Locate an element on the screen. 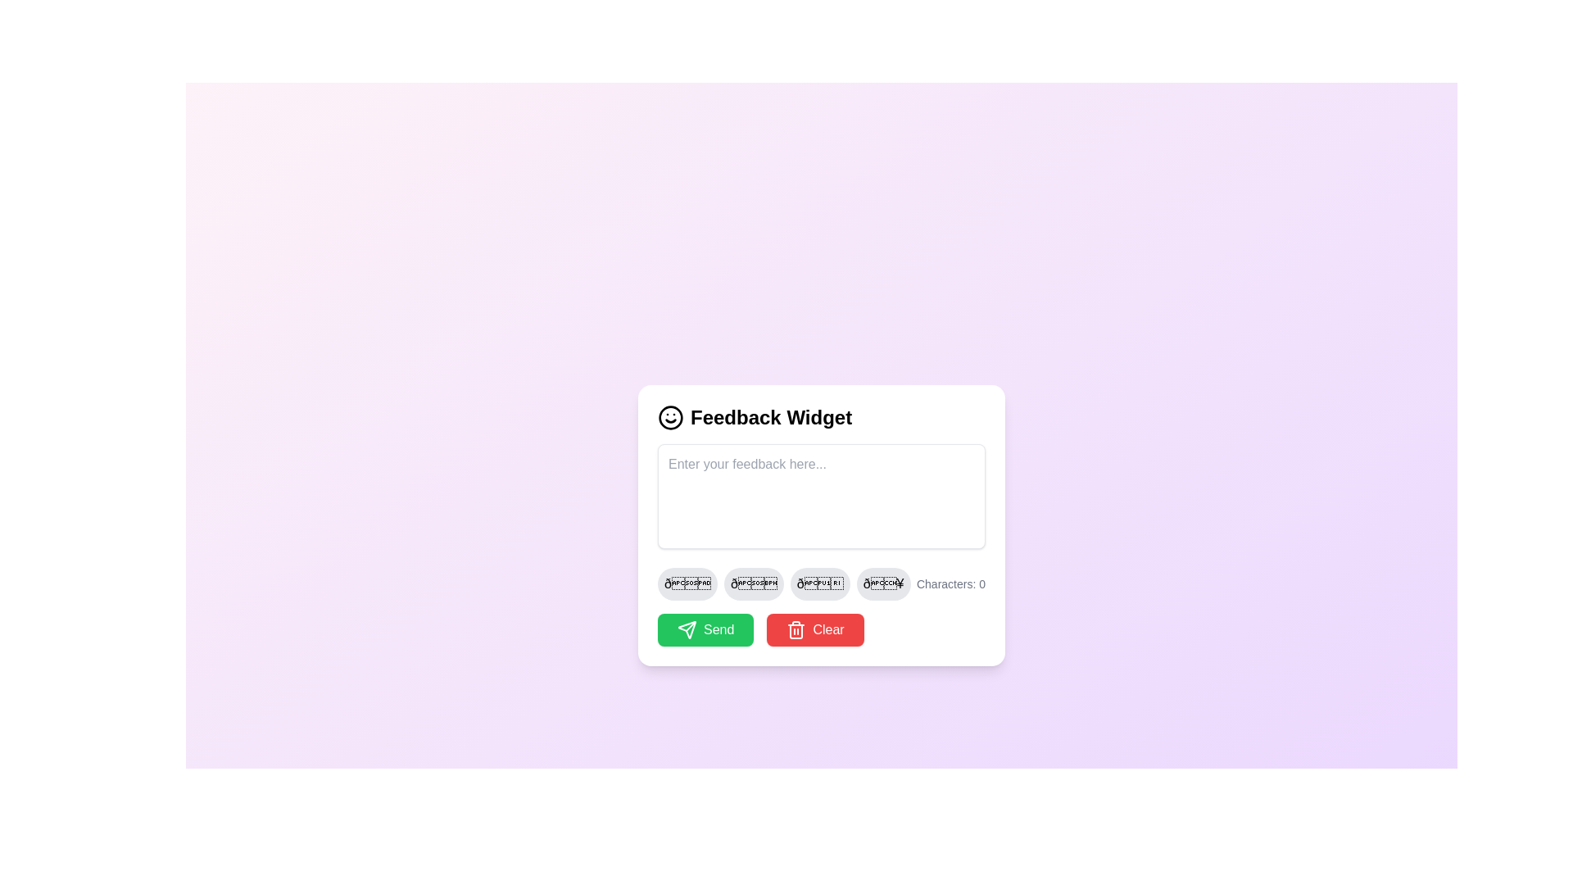 The width and height of the screenshot is (1573, 885). the submission button located to the left of the red 'Clear' button is located at coordinates (705, 629).